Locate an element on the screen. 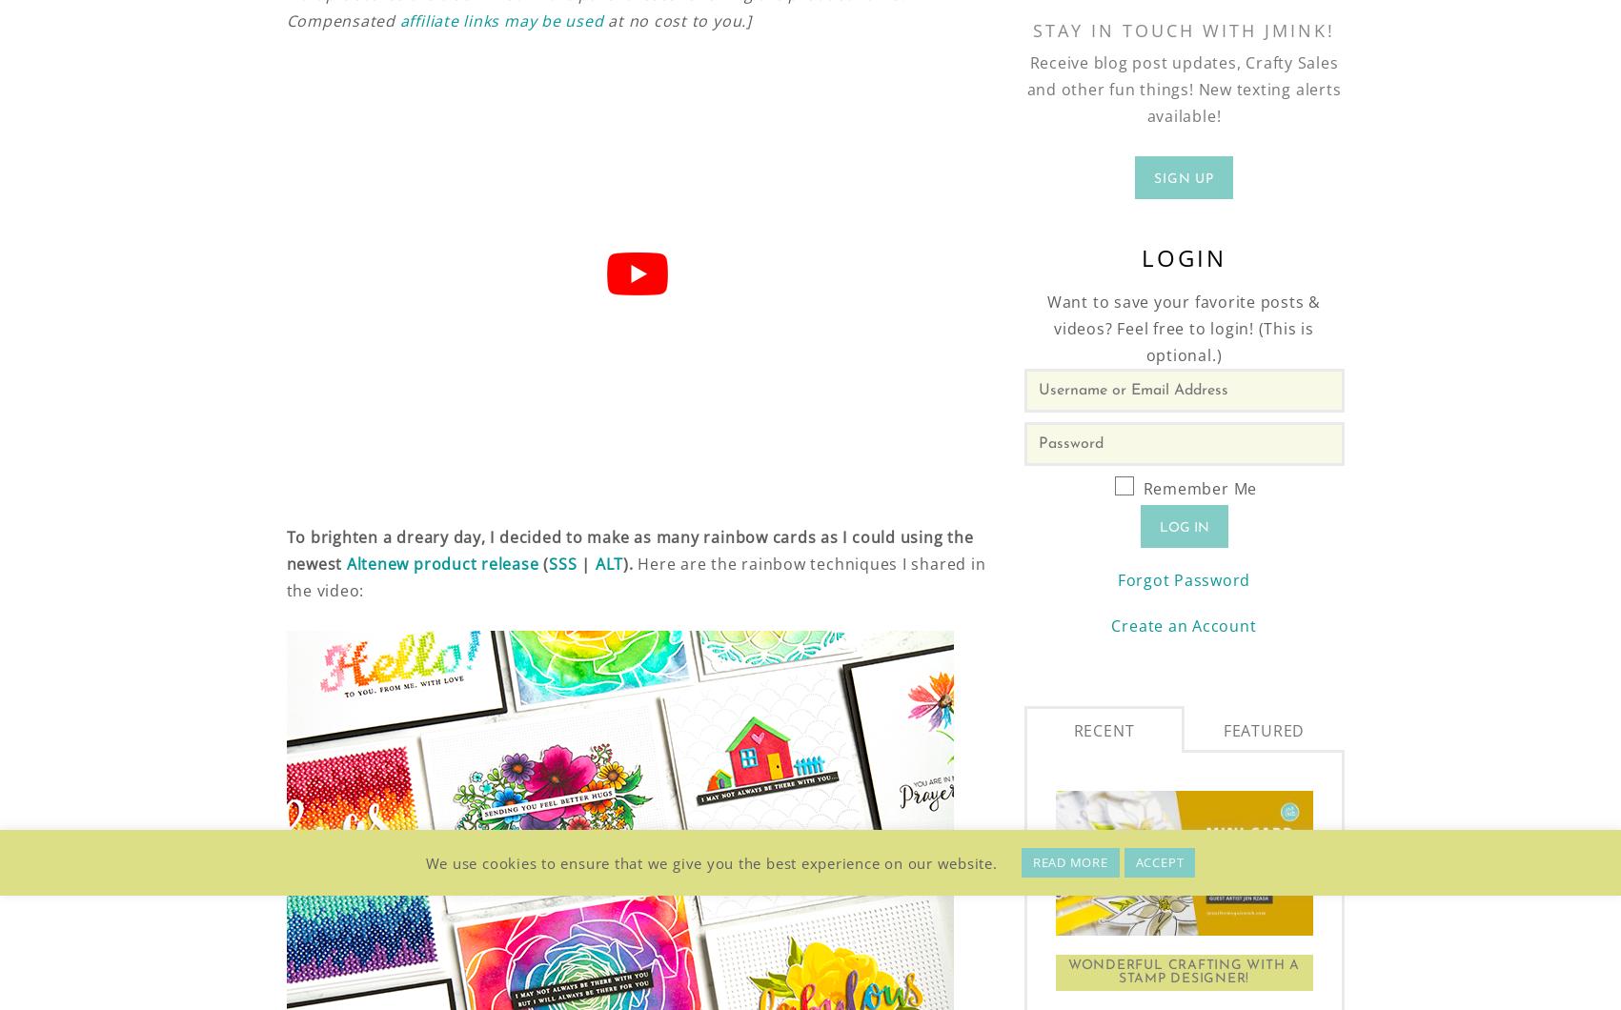 Image resolution: width=1621 pixels, height=1010 pixels. 'Stay in Touch With JMink!' is located at coordinates (1184, 30).